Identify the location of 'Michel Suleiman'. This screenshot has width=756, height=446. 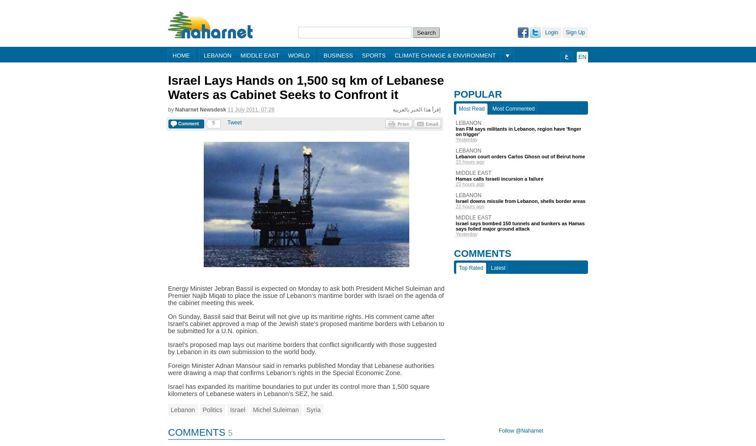
(275, 409).